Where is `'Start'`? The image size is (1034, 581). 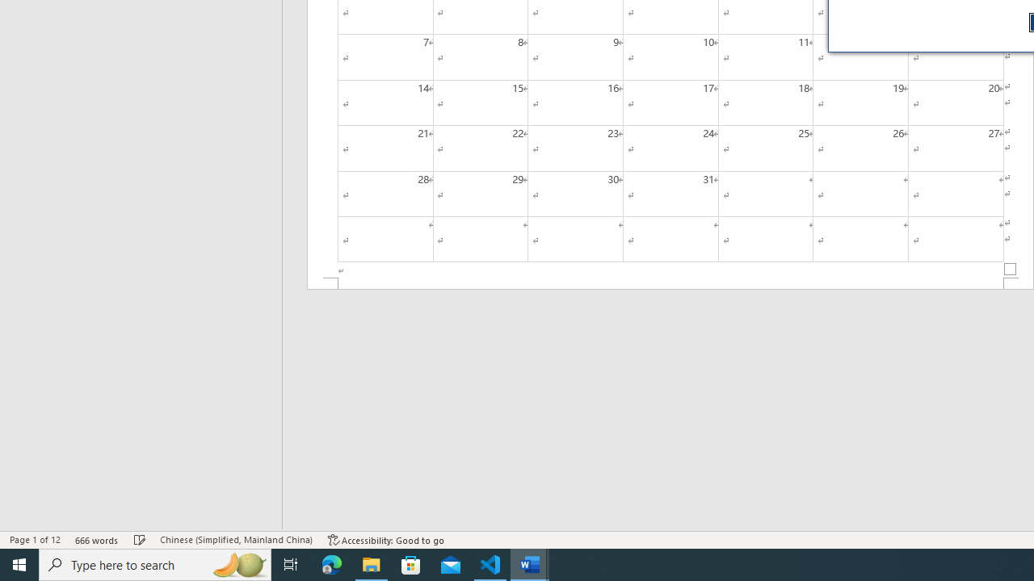
'Start' is located at coordinates (19, 563).